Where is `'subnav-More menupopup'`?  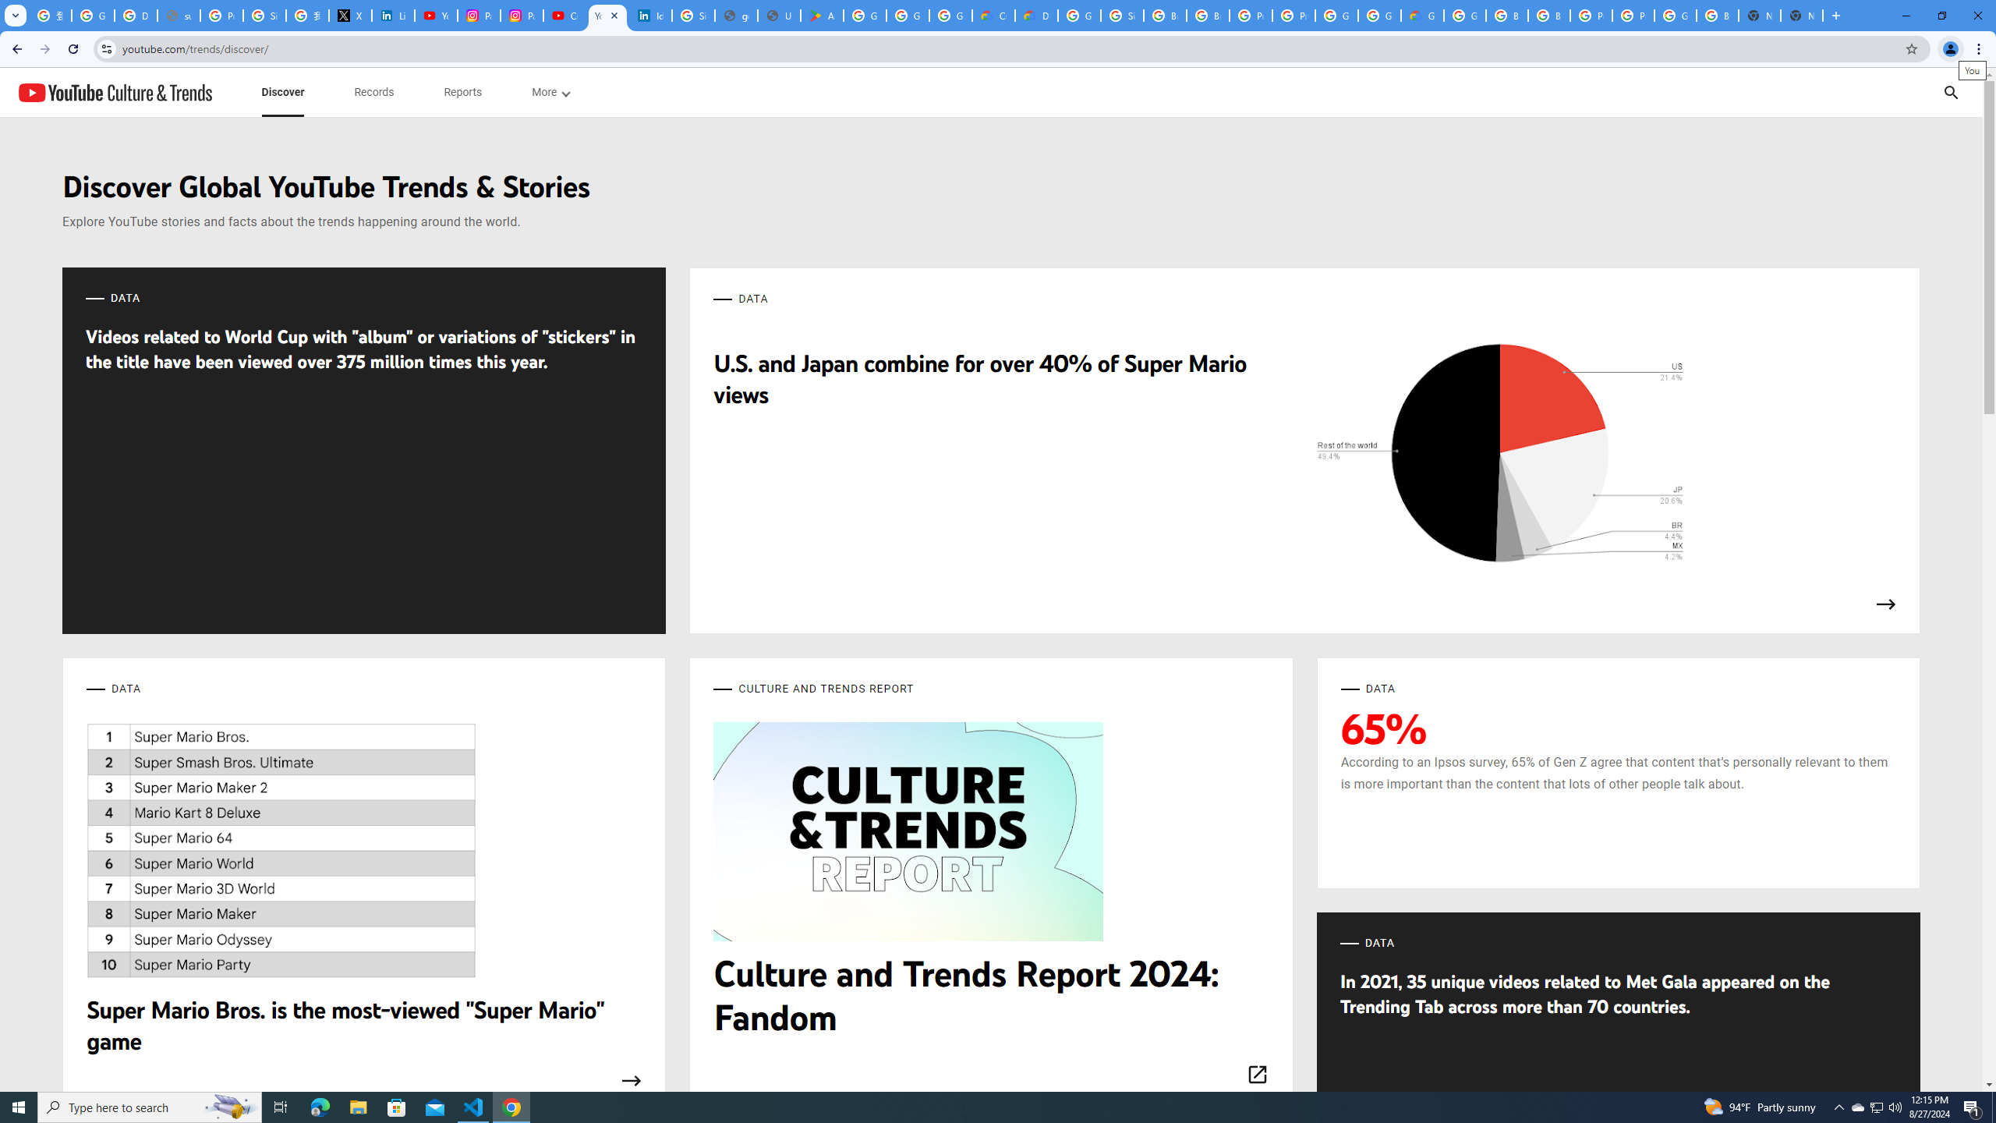 'subnav-More menupopup' is located at coordinates (550, 92).